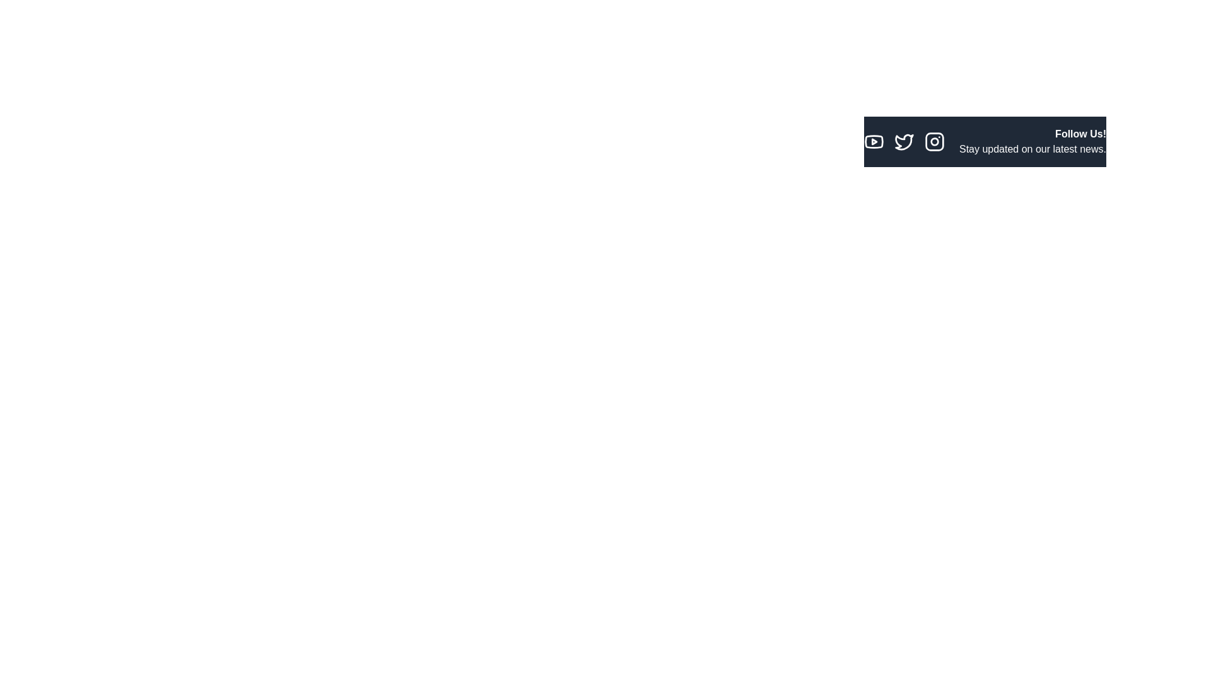 Image resolution: width=1211 pixels, height=681 pixels. I want to click on the Twitter icon located between the play button and Instagram logo, so click(904, 141).